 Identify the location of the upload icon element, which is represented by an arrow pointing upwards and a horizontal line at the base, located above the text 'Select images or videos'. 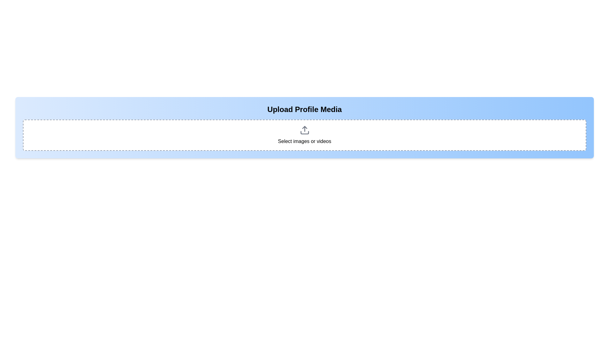
(304, 130).